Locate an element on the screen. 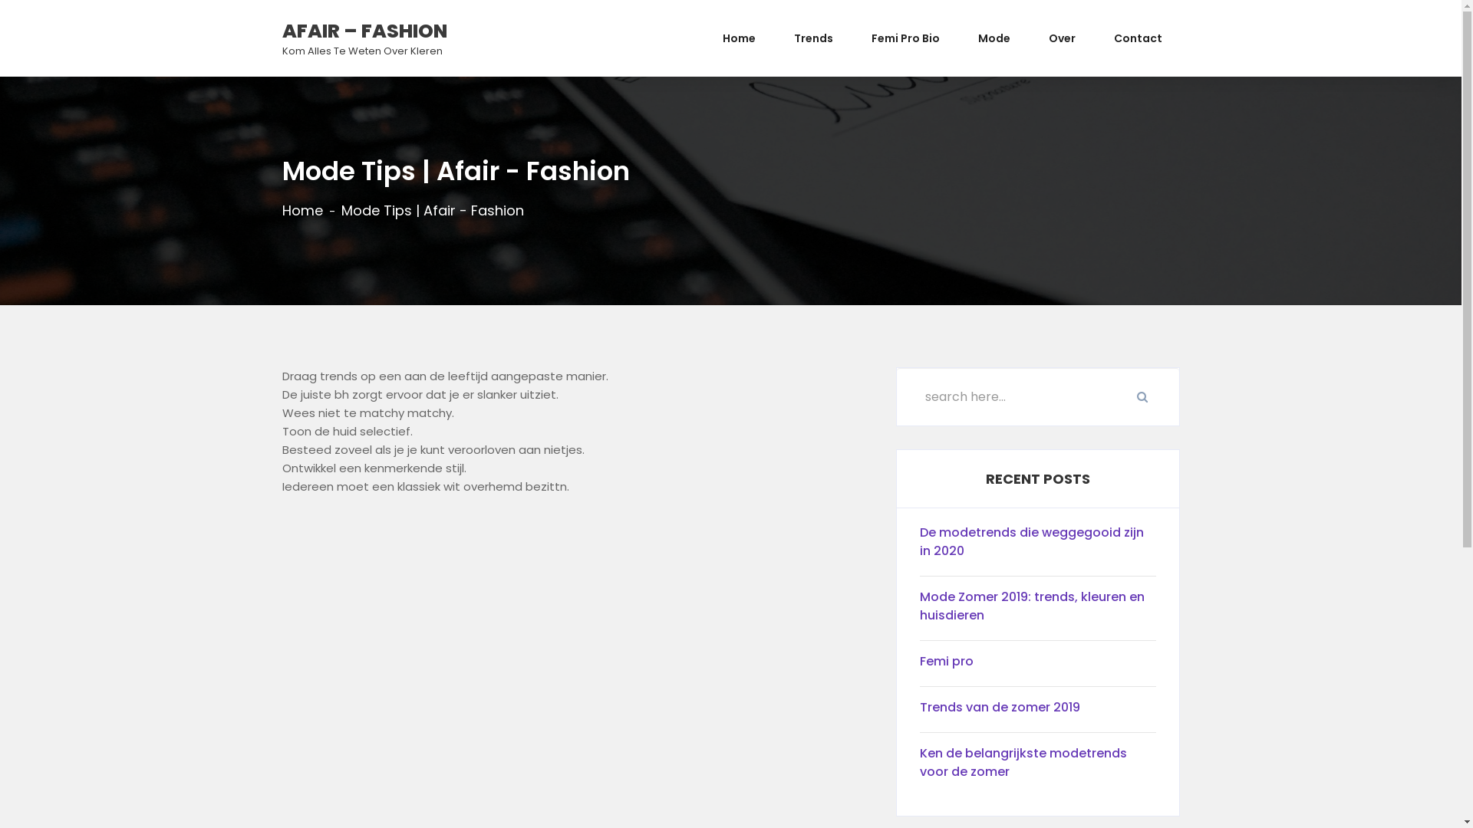 Image resolution: width=1473 pixels, height=828 pixels. 'Trends' is located at coordinates (812, 38).